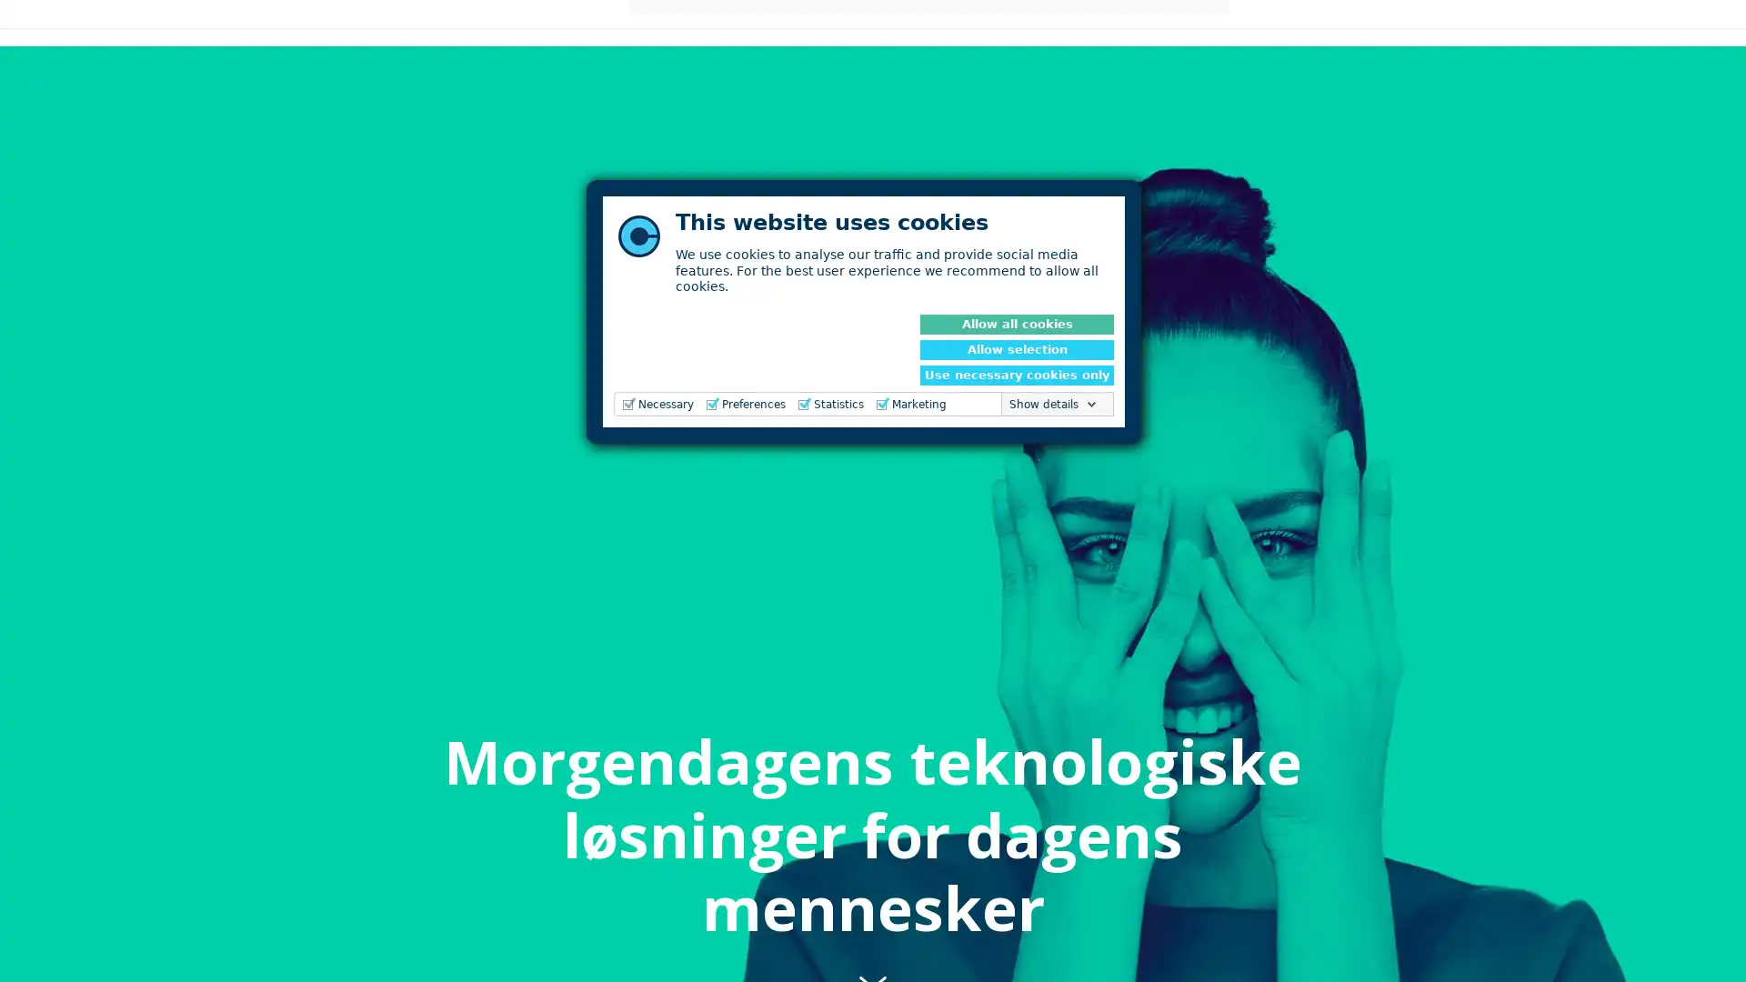  Describe the element at coordinates (873, 942) in the screenshot. I see `Videre til innholdet` at that location.